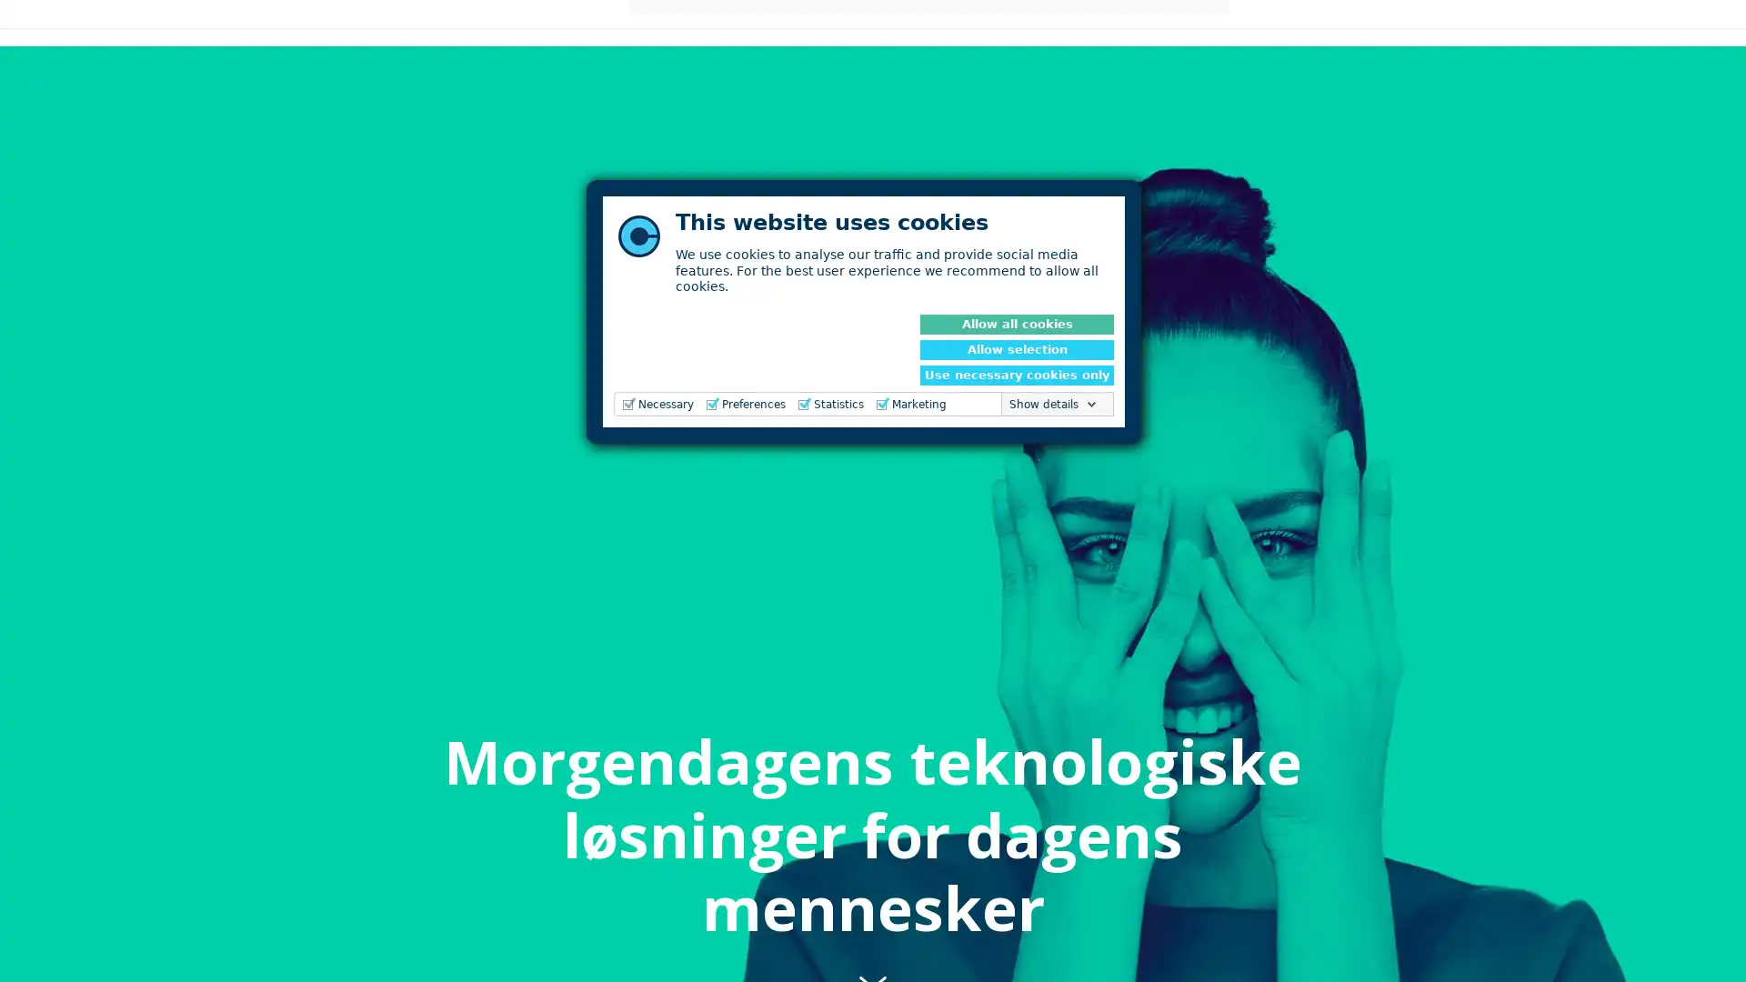  Describe the element at coordinates (873, 942) in the screenshot. I see `Videre til innholdet` at that location.